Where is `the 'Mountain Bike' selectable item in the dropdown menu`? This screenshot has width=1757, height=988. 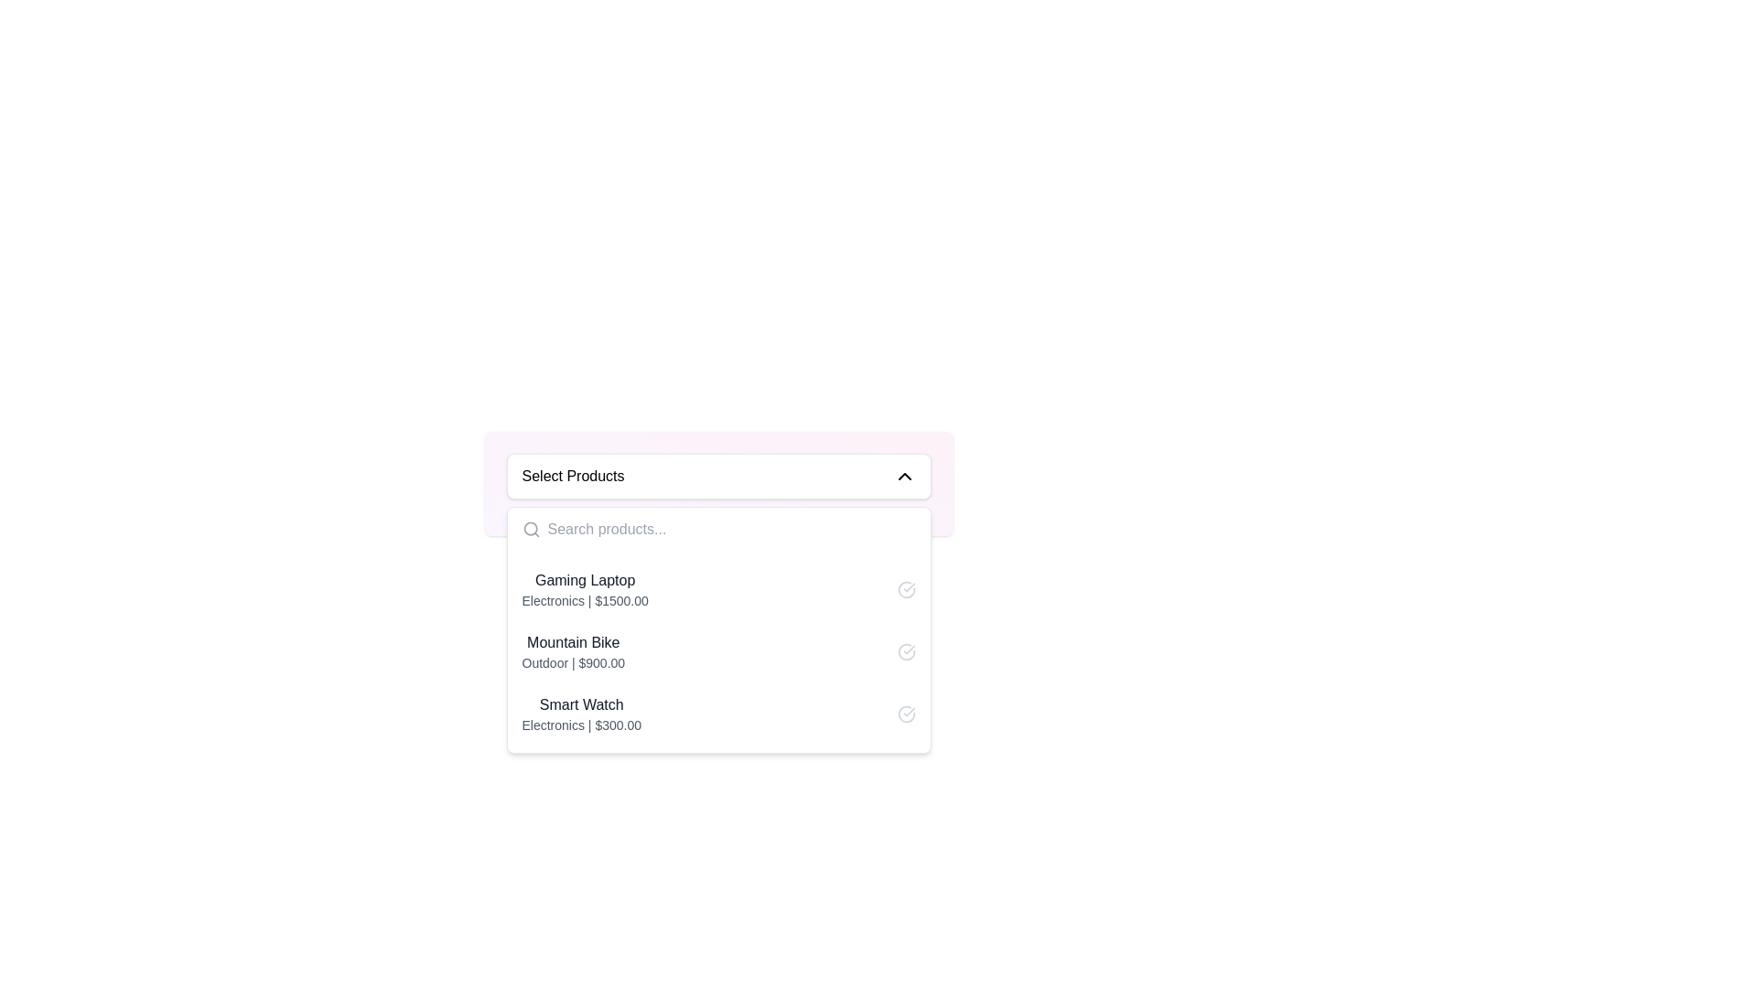
the 'Mountain Bike' selectable item in the dropdown menu is located at coordinates (717, 651).